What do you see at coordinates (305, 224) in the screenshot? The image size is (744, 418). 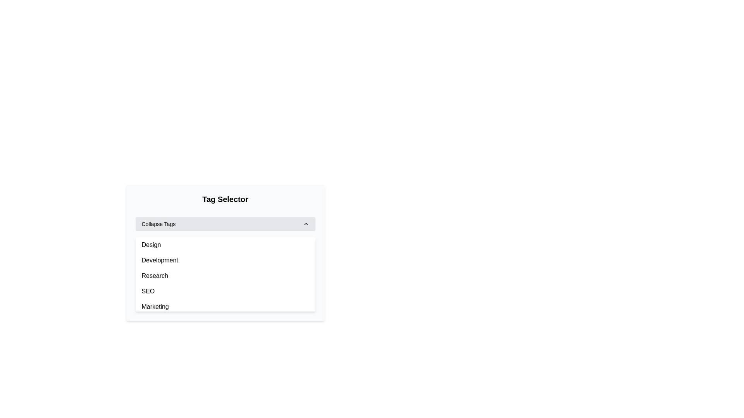 I see `the upward-facing chevron icon located in the 'Collapse Tags' section, positioned to the far right adjacent to the label 'Collapse Tags'` at bounding box center [305, 224].